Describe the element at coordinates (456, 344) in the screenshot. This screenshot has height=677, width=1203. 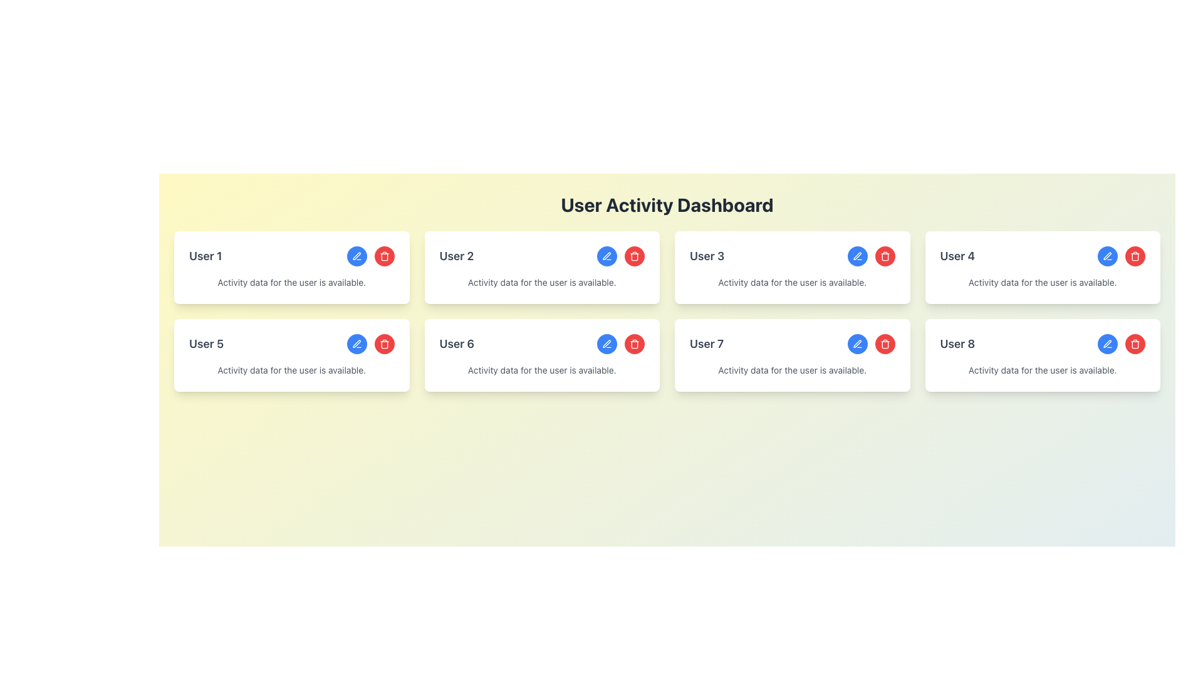
I see `the user name label located in the second row, second column of the user card grid on the dashboard, positioned below 'User 2' and adjacent to 'User 5' and 'User 7'` at that location.